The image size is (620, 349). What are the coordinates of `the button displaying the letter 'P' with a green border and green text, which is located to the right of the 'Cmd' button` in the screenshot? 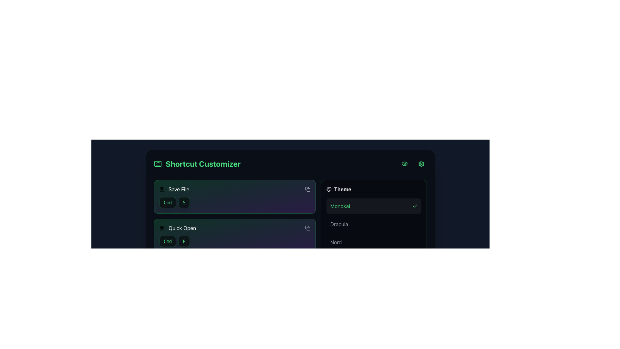 It's located at (184, 241).